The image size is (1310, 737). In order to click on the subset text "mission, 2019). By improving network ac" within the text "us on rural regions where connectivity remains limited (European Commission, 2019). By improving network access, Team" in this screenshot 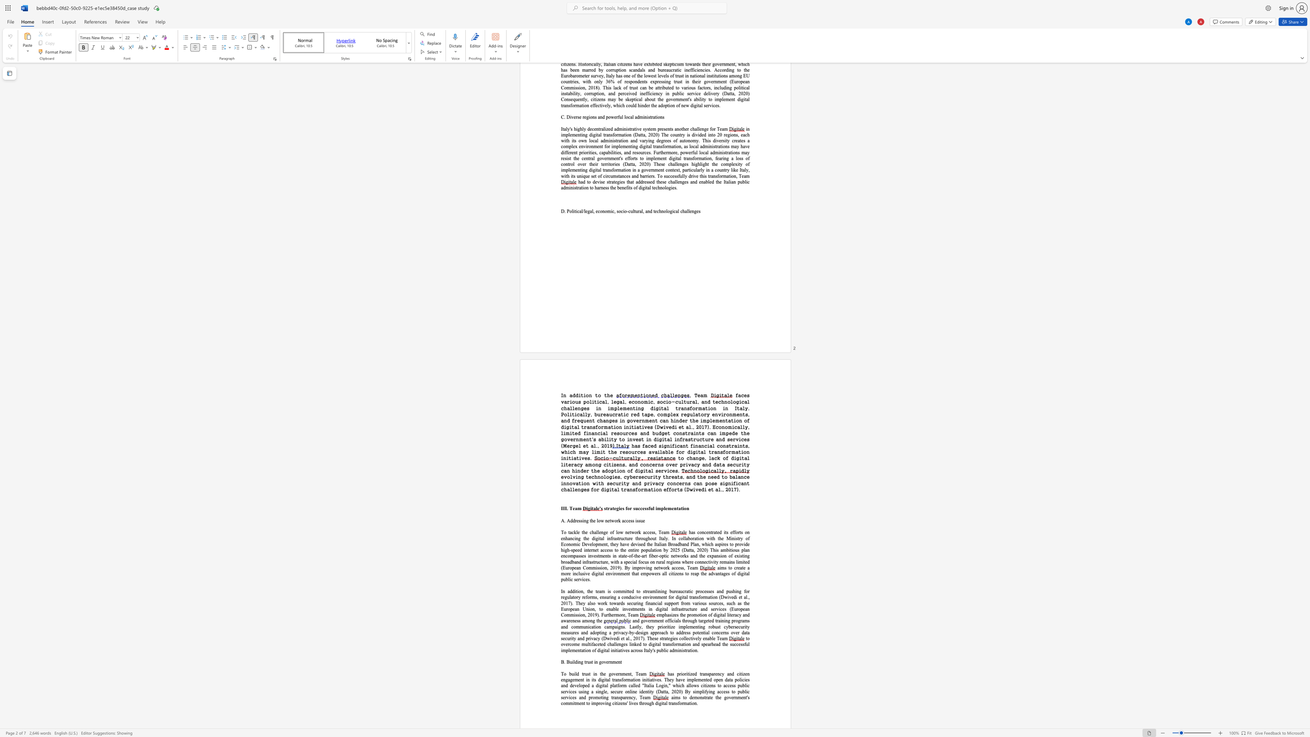, I will do `click(592, 568)`.